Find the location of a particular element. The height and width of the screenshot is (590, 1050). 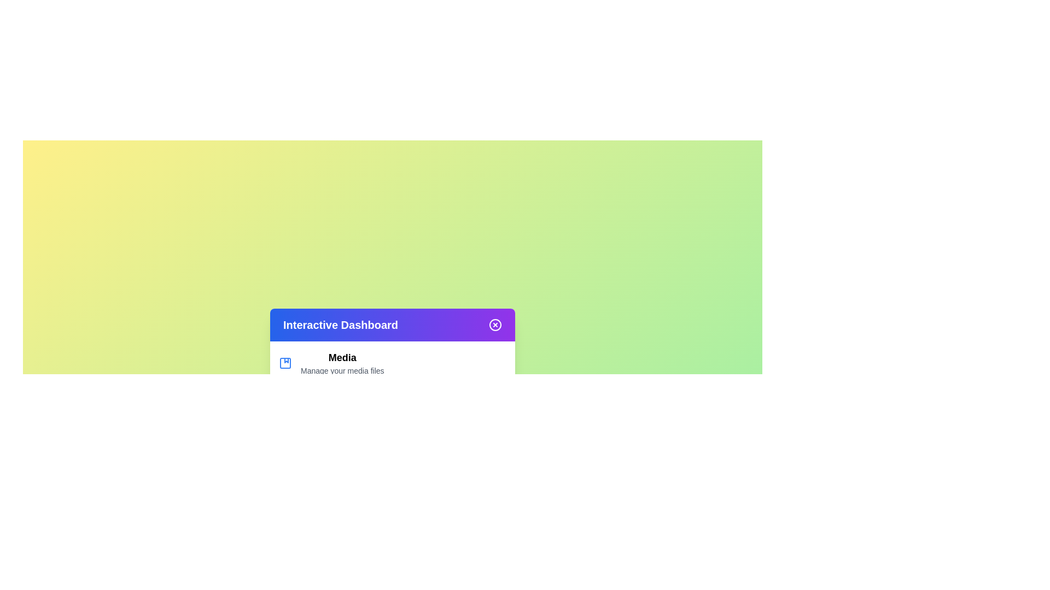

the menu item labeled Media is located at coordinates (393, 363).